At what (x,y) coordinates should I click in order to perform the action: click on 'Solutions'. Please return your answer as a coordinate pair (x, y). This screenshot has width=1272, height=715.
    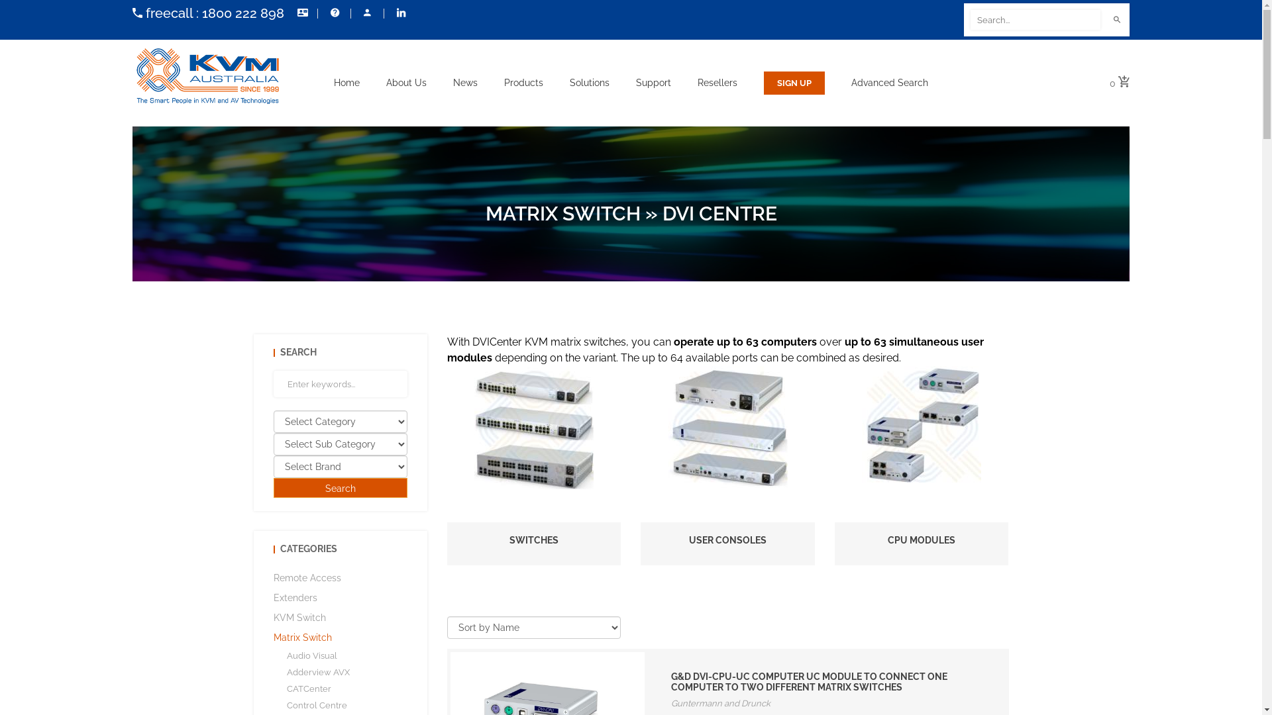
    Looking at the image, I should click on (588, 81).